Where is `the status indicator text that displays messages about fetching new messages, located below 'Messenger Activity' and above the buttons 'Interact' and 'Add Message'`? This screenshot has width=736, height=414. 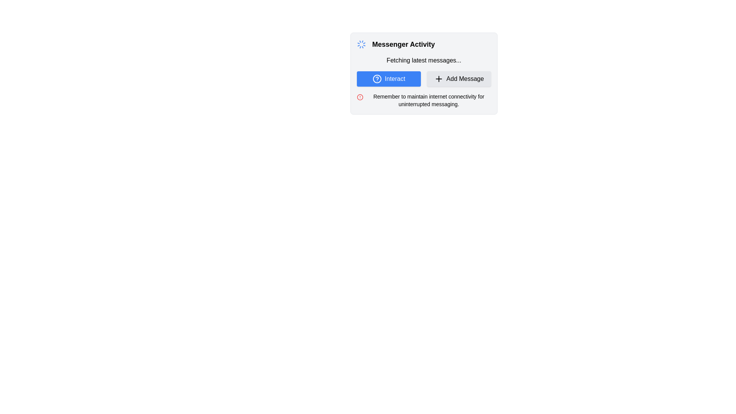 the status indicator text that displays messages about fetching new messages, located below 'Messenger Activity' and above the buttons 'Interact' and 'Add Message' is located at coordinates (423, 60).